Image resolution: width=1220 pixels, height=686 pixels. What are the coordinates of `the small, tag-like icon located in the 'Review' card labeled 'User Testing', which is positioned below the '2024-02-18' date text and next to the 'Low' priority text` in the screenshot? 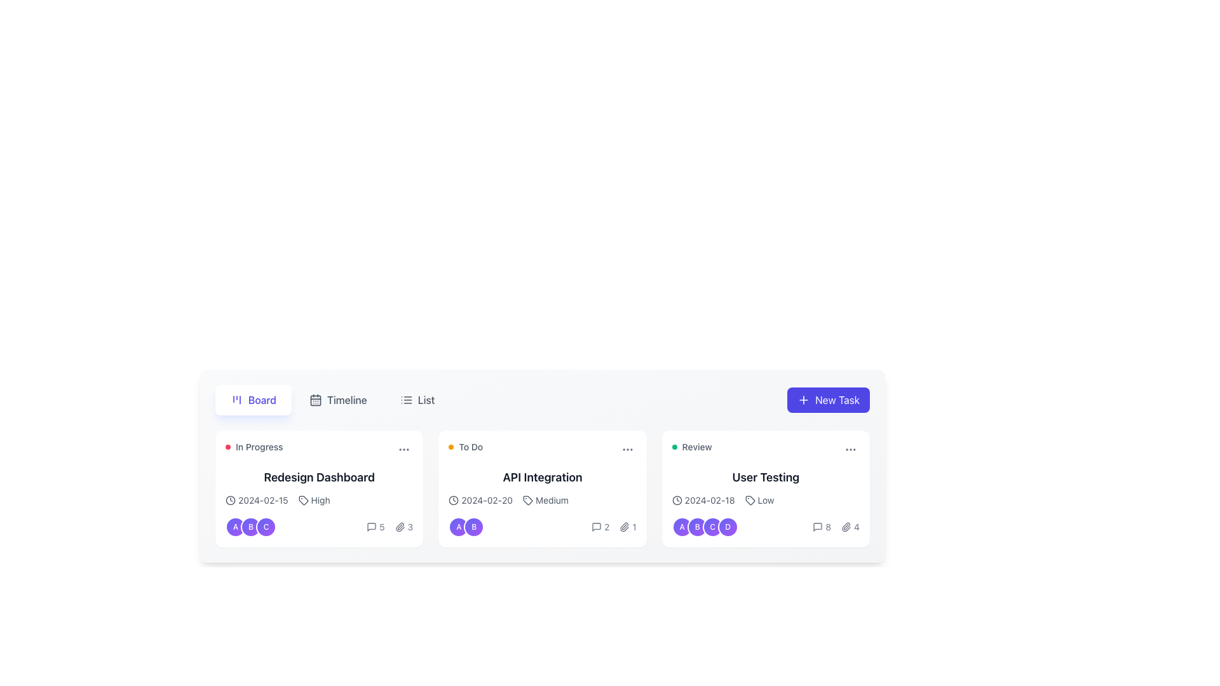 It's located at (750, 499).